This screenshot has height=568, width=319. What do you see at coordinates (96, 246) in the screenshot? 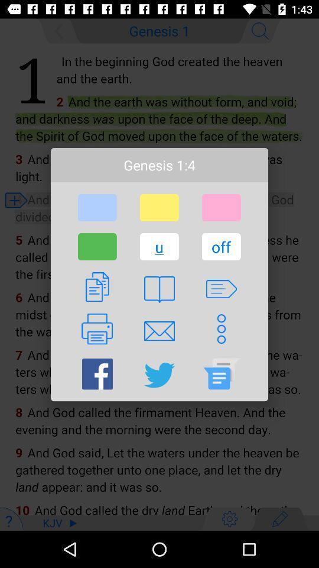
I see `item to the left of u button` at bounding box center [96, 246].